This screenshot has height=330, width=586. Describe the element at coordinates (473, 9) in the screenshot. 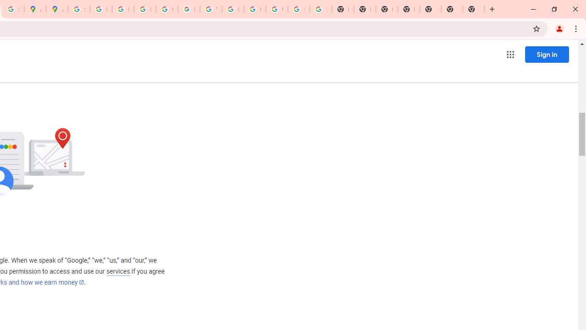

I see `'New Tab'` at that location.